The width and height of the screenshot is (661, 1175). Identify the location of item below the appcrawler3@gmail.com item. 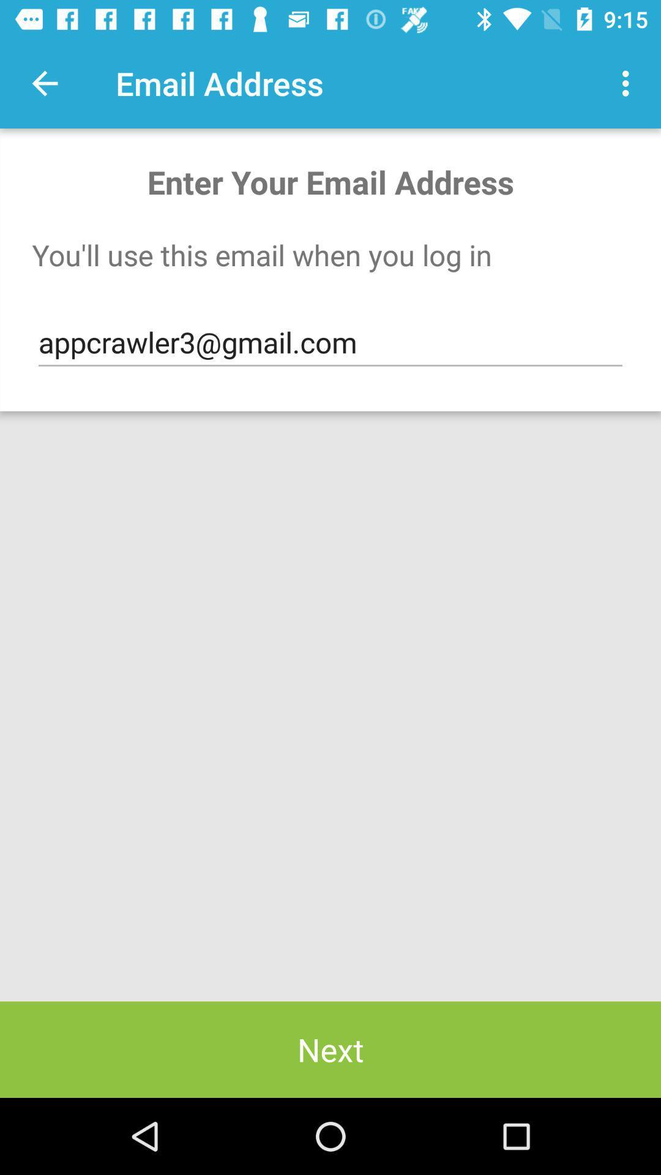
(330, 1049).